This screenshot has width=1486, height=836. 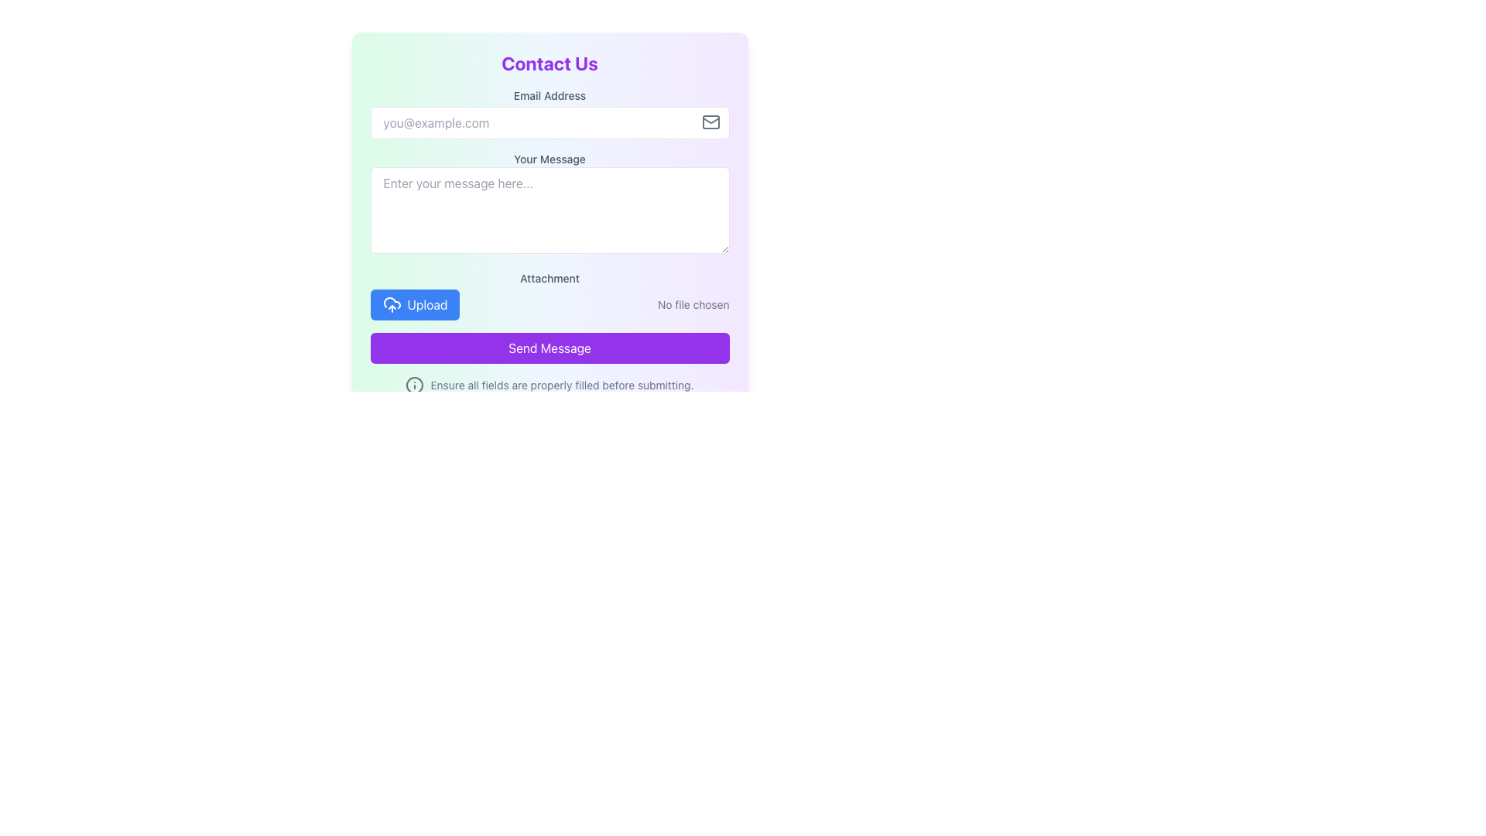 I want to click on the 'Send Message' button, which is a rectangular button with rounded corners in purple, so click(x=550, y=348).